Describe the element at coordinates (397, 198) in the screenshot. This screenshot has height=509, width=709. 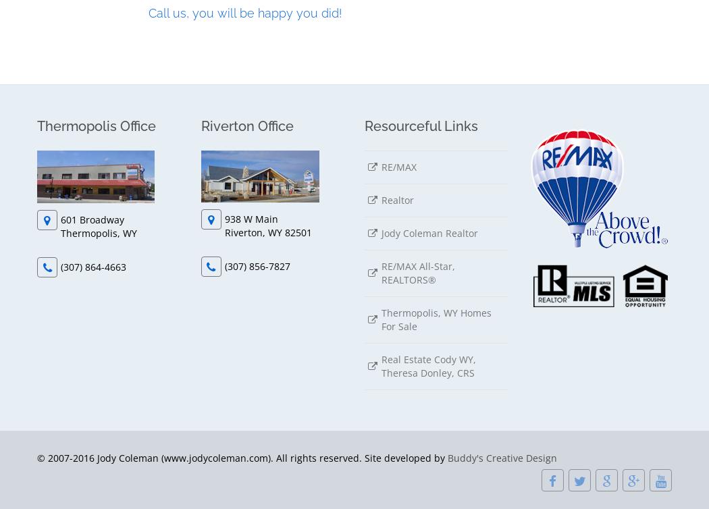
I see `'Realtor'` at that location.